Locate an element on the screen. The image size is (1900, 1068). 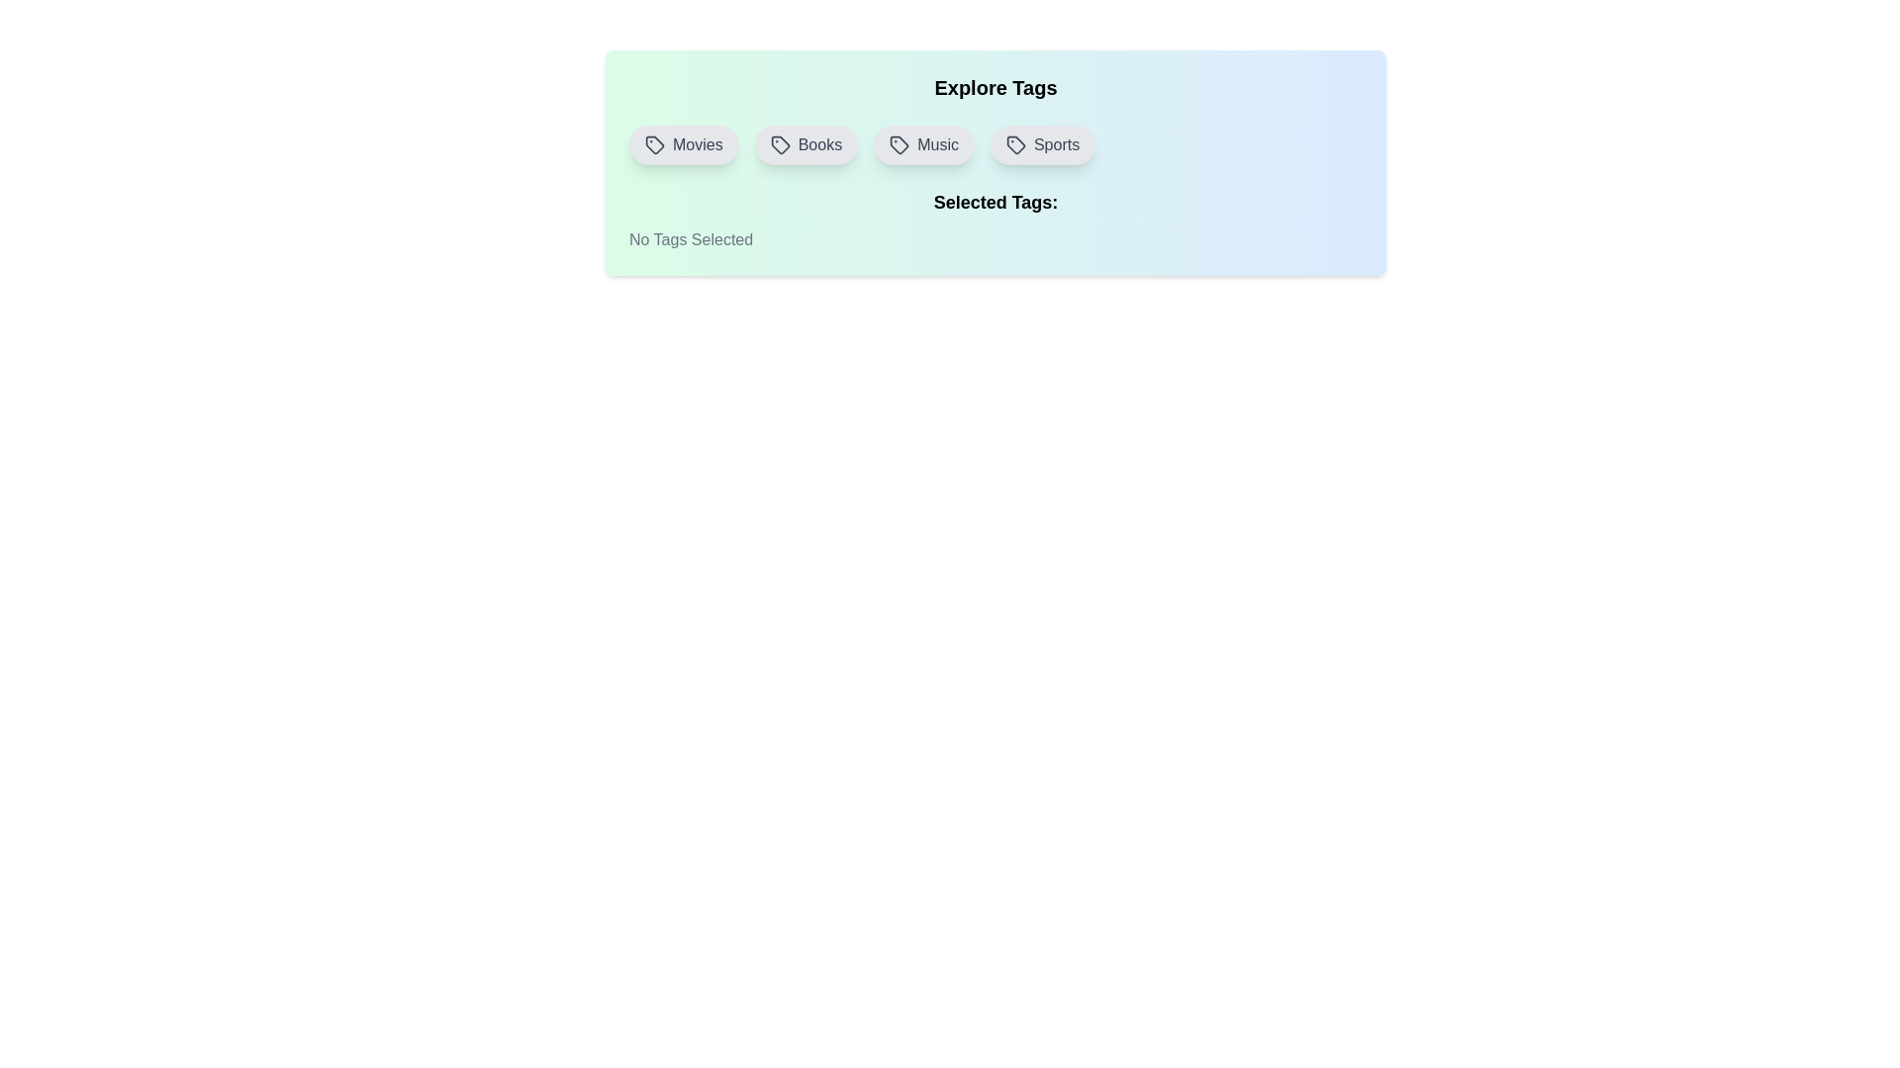
the static text element that serves as a title or heading for the section related to exploring tags is located at coordinates (996, 86).